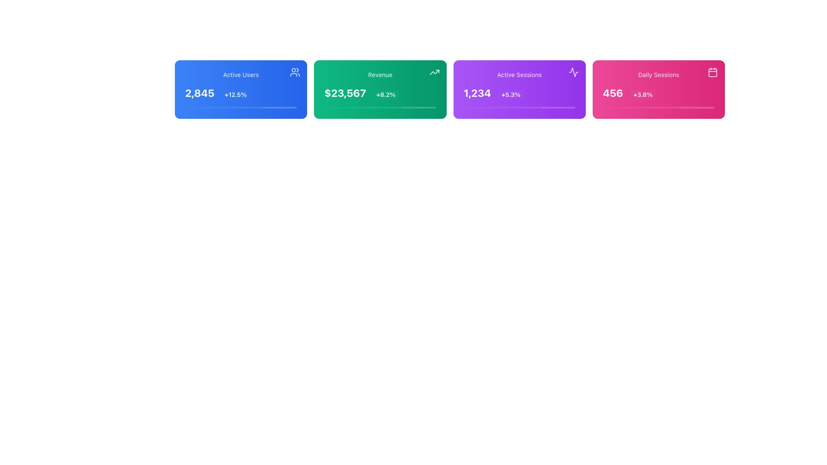 The width and height of the screenshot is (827, 465). I want to click on percentage value displayed on the small, rounded rectangular label showing '+5.3%' in bold typography, located within the 'Active Sessions' card, to the right of '1,234', so click(511, 94).